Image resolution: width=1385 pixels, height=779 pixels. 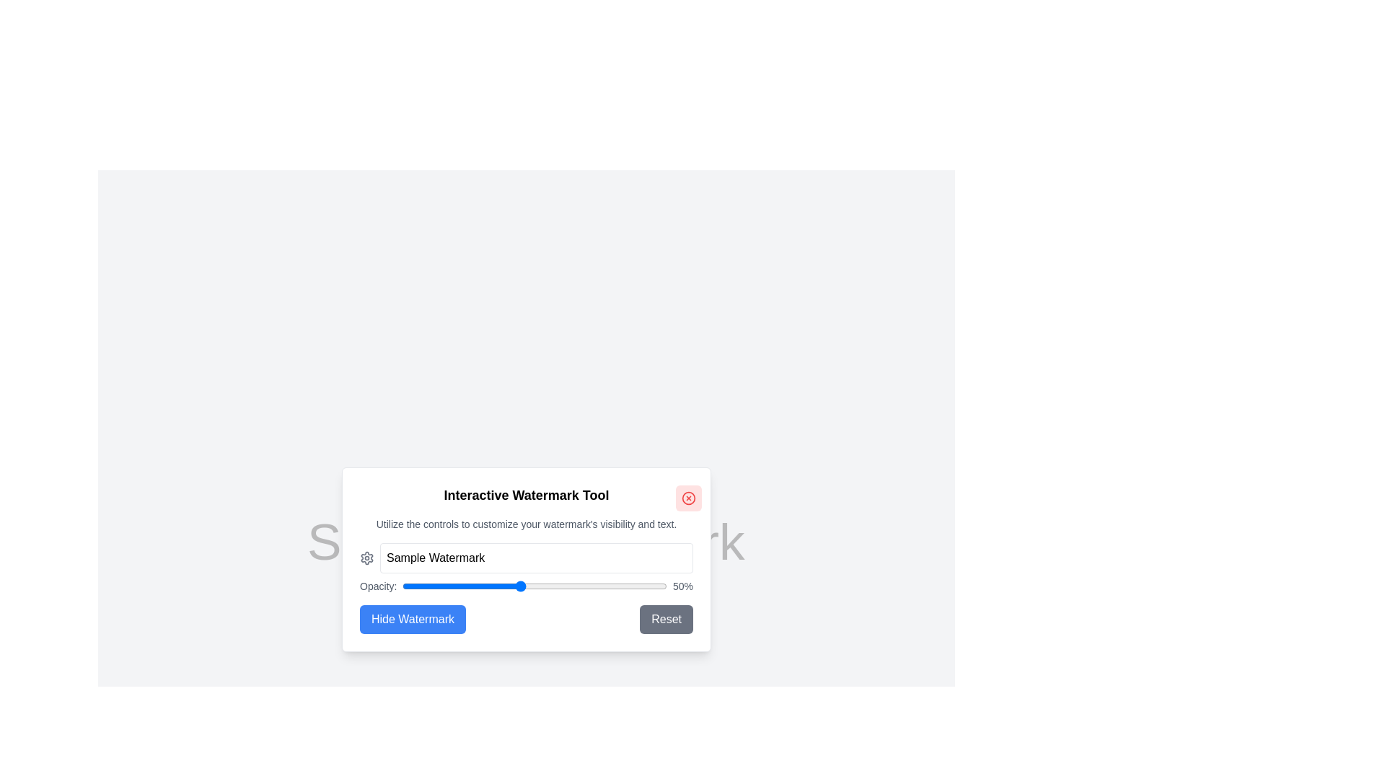 I want to click on the 'Hide Watermark' button in the Button Group at the bottom of the 'Interactive Watermark Tool' modal, so click(x=525, y=619).